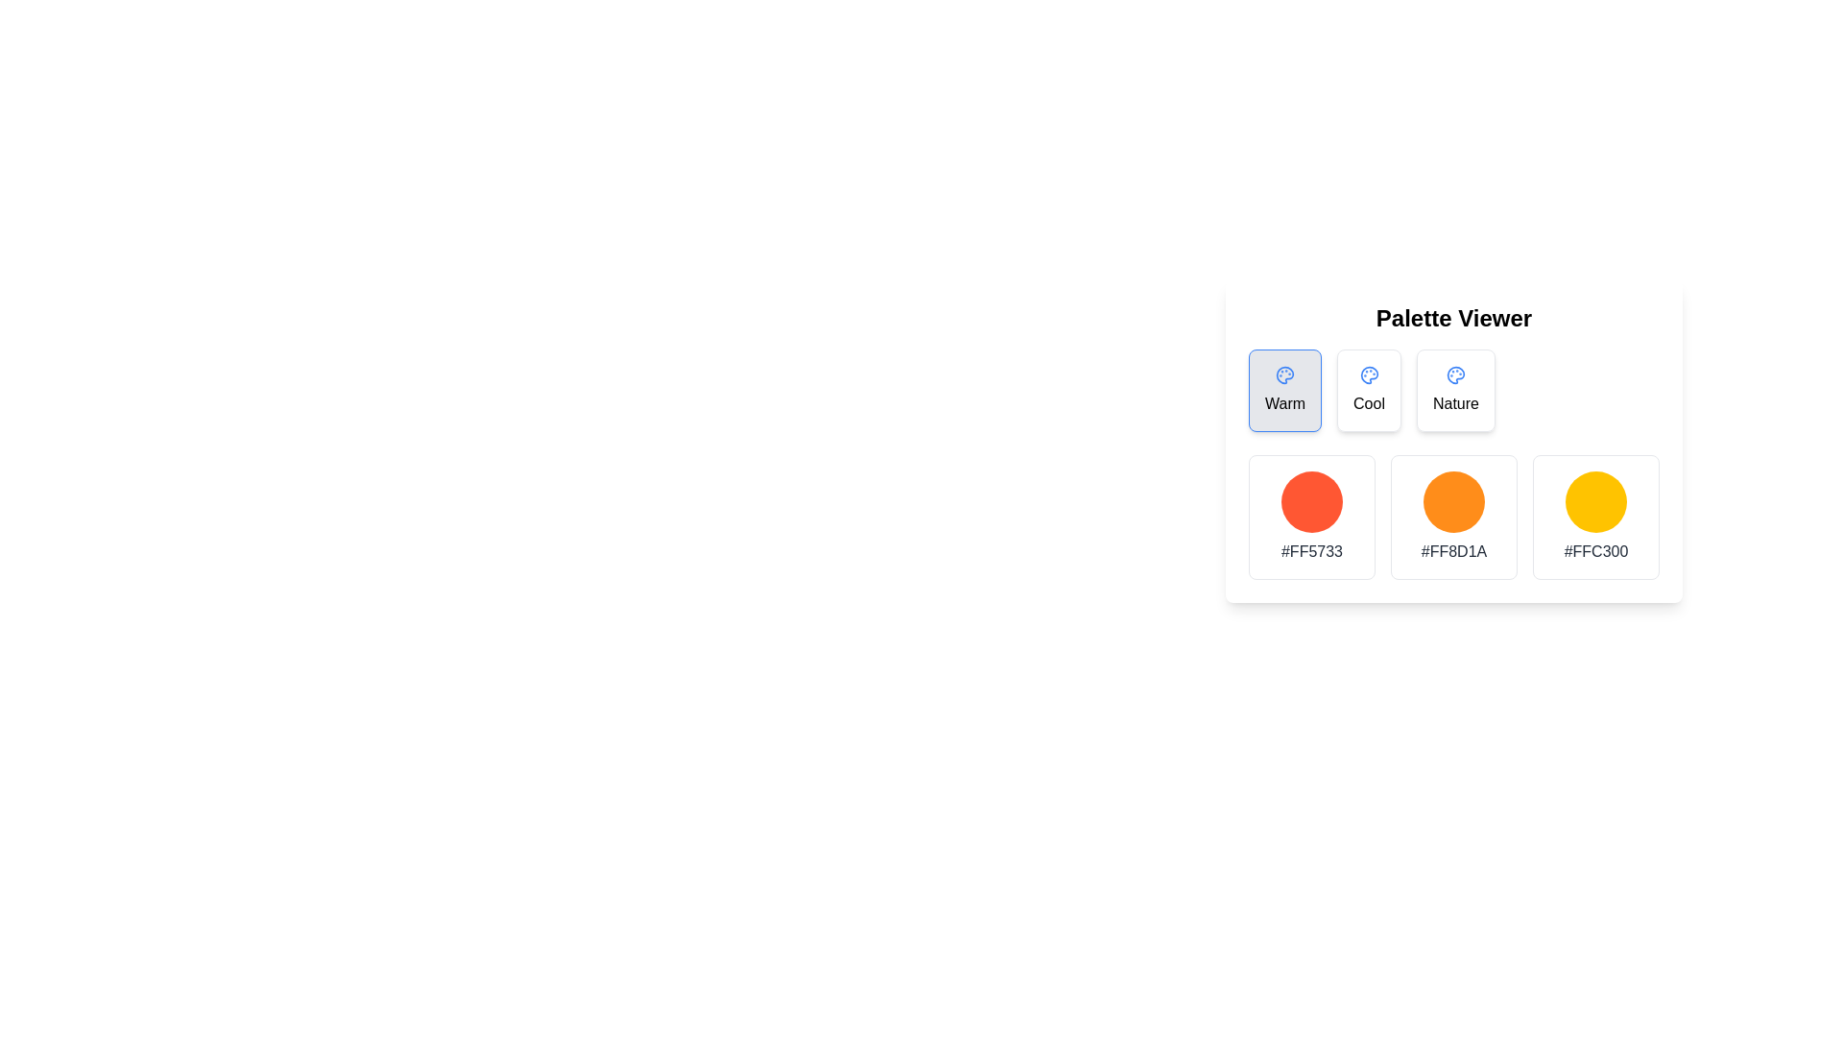  I want to click on the leftmost icon representing the 'Warm' palette option under the 'Palette Viewer' section, so click(1285, 374).